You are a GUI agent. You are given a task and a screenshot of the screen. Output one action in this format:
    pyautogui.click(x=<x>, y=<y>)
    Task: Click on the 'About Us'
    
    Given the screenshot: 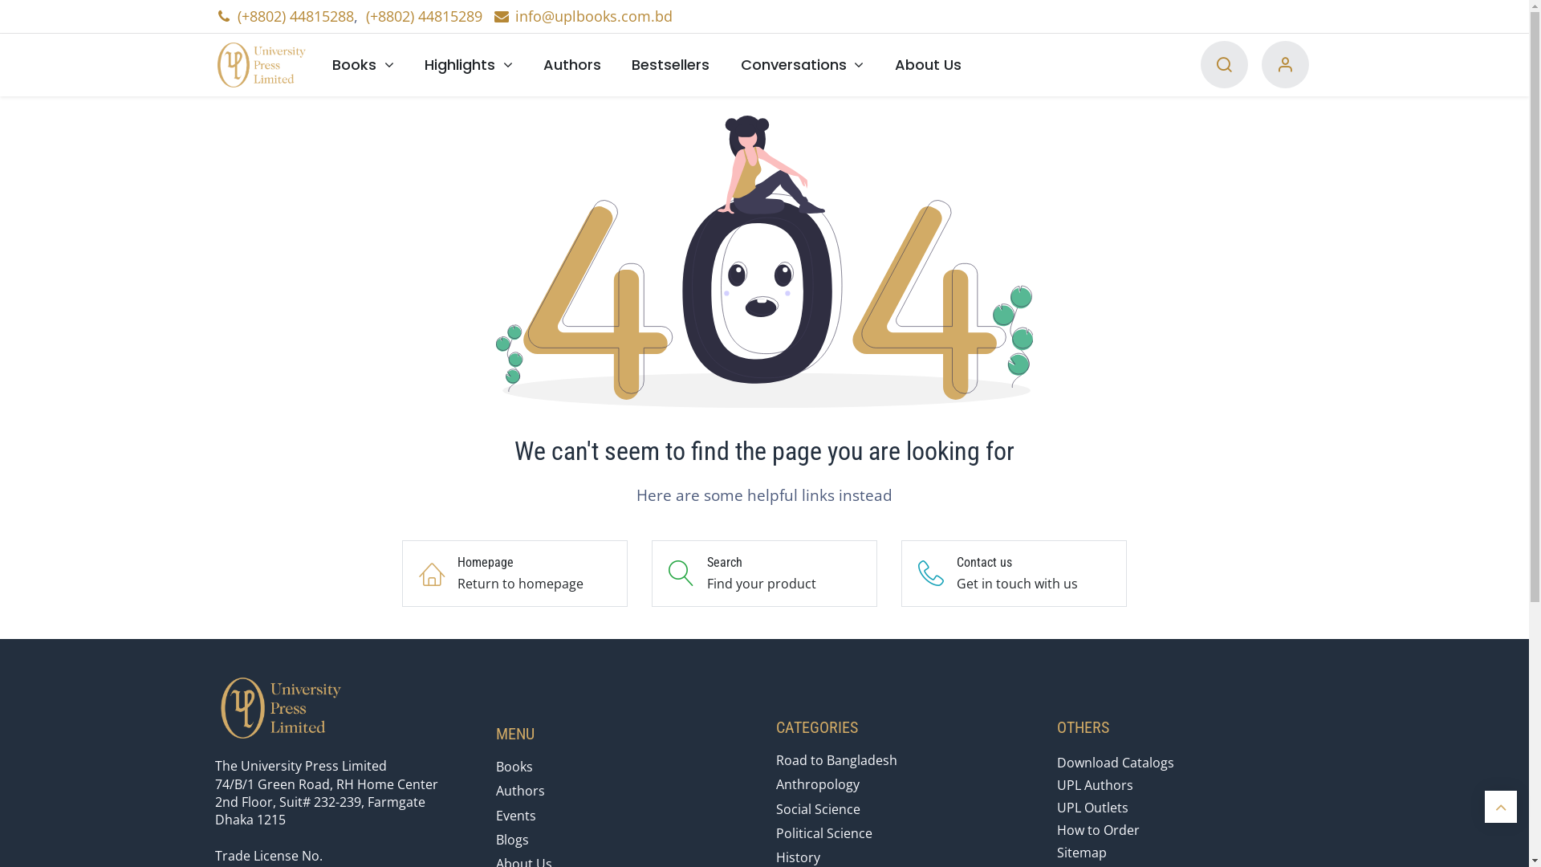 What is the action you would take?
    pyautogui.click(x=878, y=63)
    